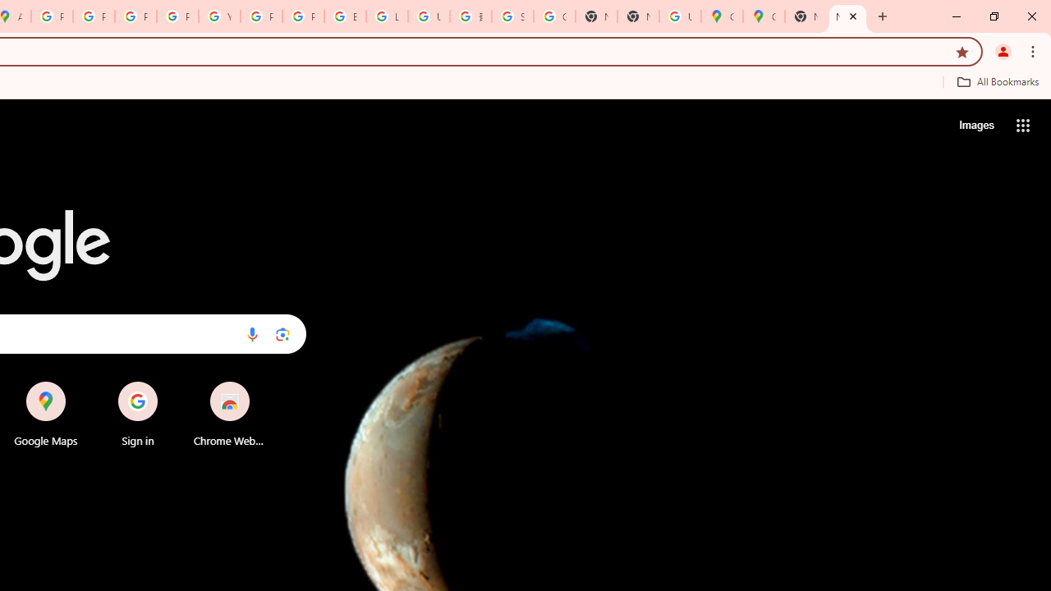 The width and height of the screenshot is (1051, 591). Describe the element at coordinates (218, 16) in the screenshot. I see `'YouTube'` at that location.